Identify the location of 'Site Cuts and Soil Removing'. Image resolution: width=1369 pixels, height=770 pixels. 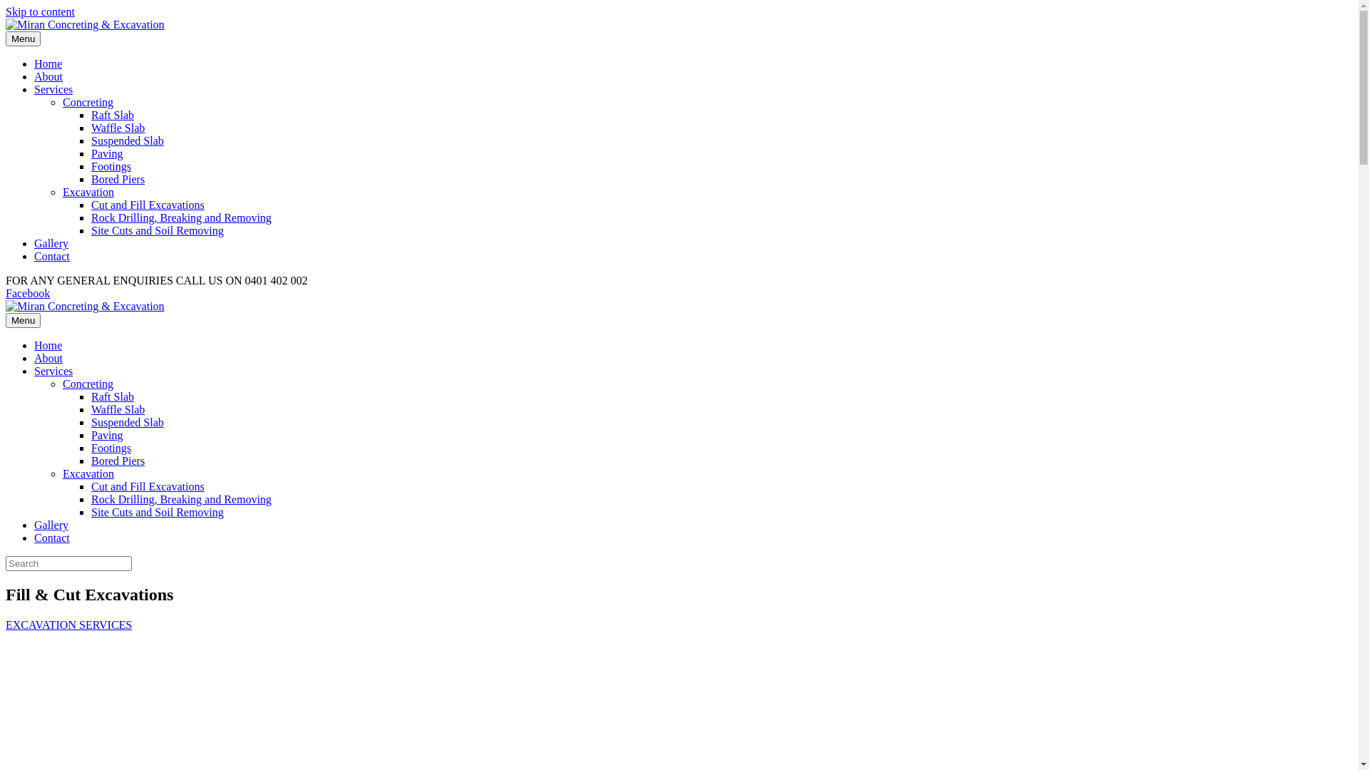
(157, 511).